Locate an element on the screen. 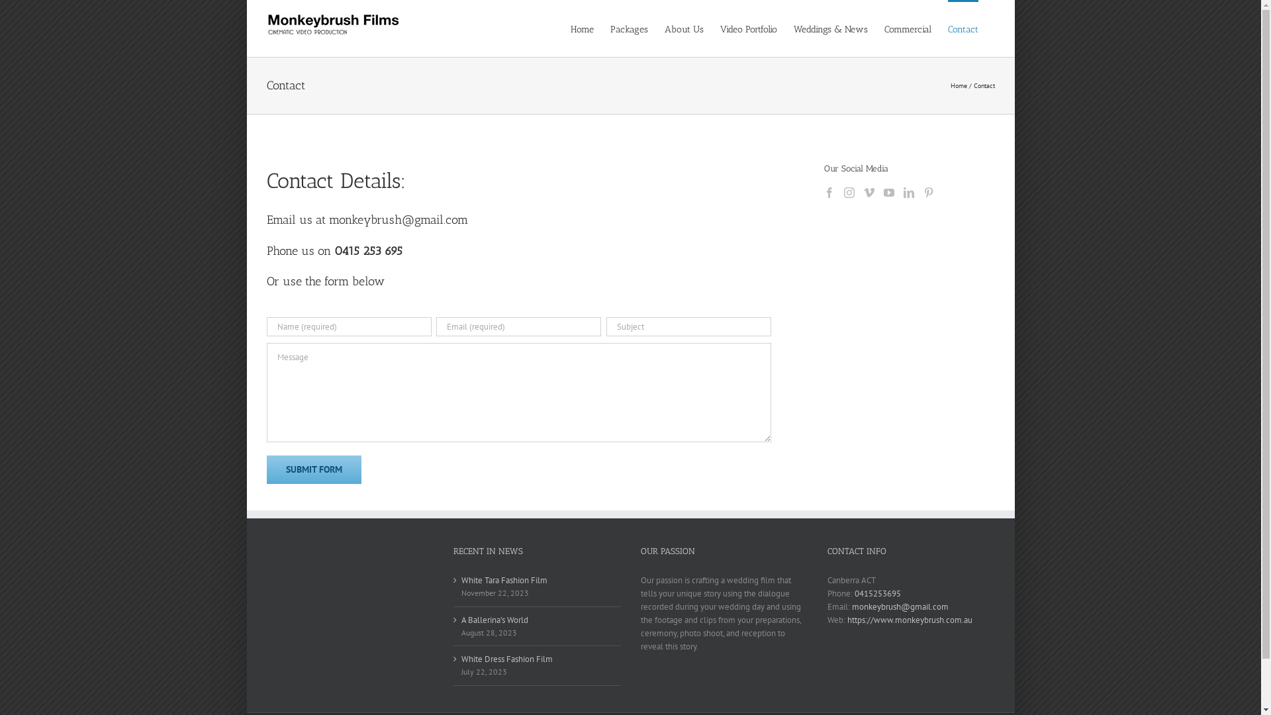 The image size is (1271, 715). 'Submit Form' is located at coordinates (312, 469).